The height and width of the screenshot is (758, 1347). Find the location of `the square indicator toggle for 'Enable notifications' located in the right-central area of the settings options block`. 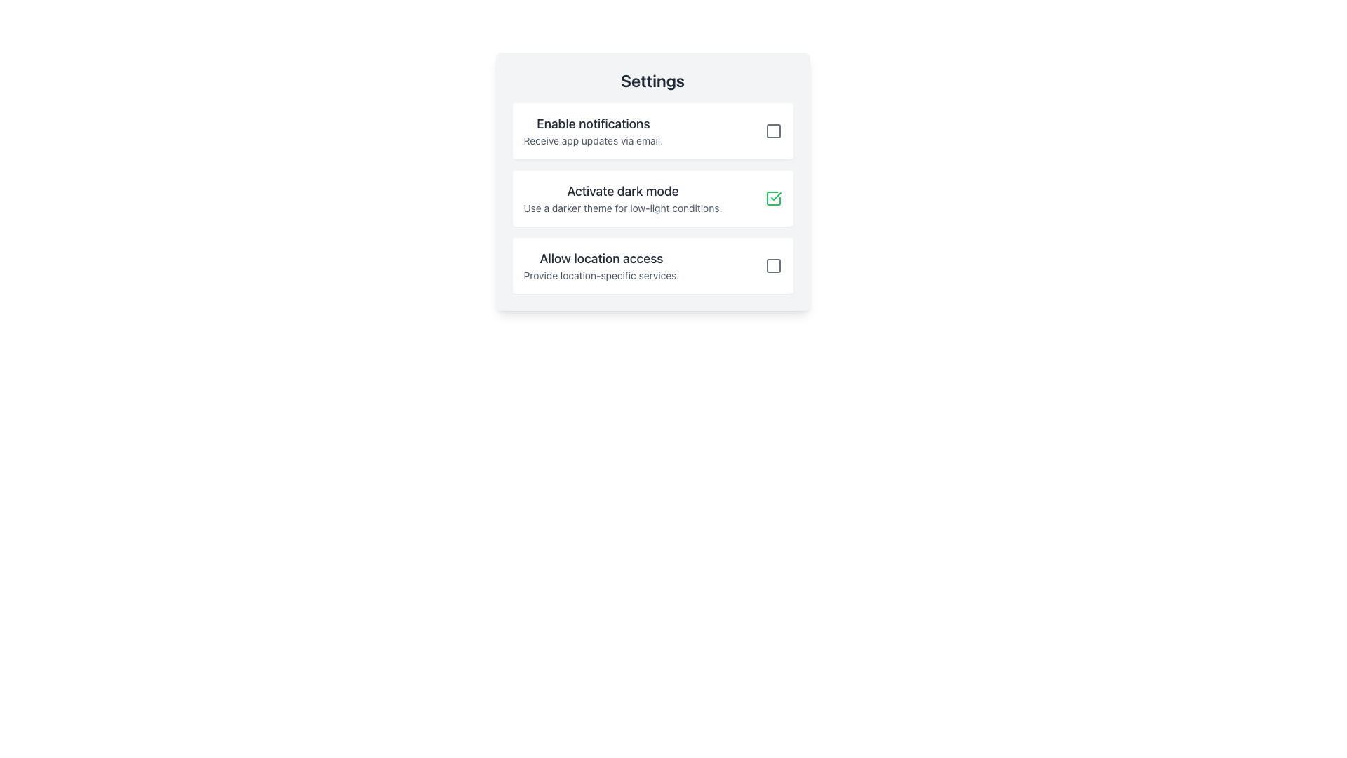

the square indicator toggle for 'Enable notifications' located in the right-central area of the settings options block is located at coordinates (772, 131).